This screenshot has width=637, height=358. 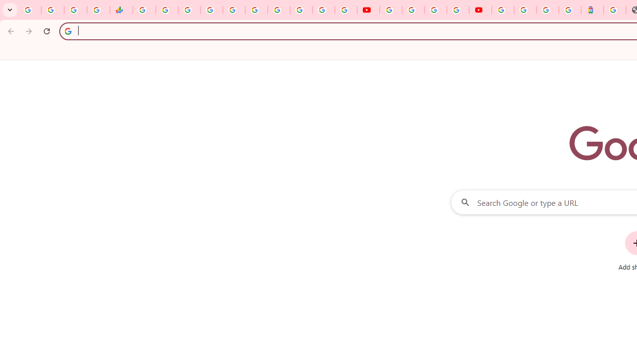 I want to click on 'Atour Hotel - Google hotels', so click(x=592, y=10).